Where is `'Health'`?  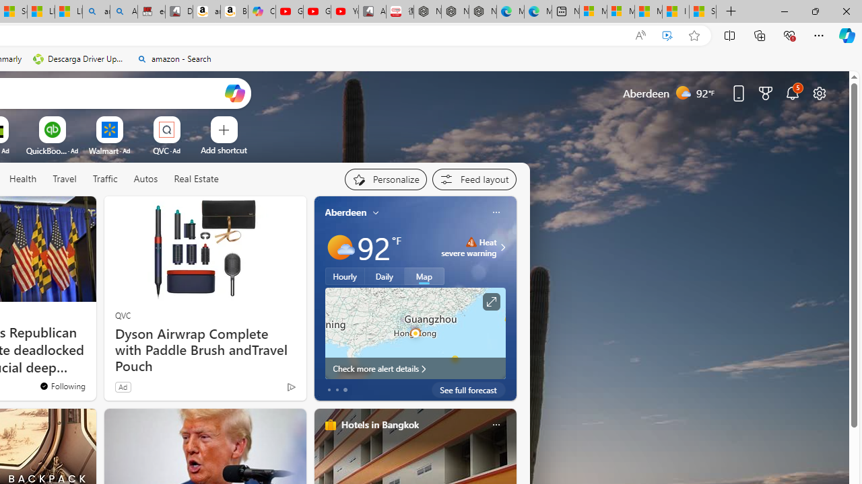 'Health' is located at coordinates (23, 178).